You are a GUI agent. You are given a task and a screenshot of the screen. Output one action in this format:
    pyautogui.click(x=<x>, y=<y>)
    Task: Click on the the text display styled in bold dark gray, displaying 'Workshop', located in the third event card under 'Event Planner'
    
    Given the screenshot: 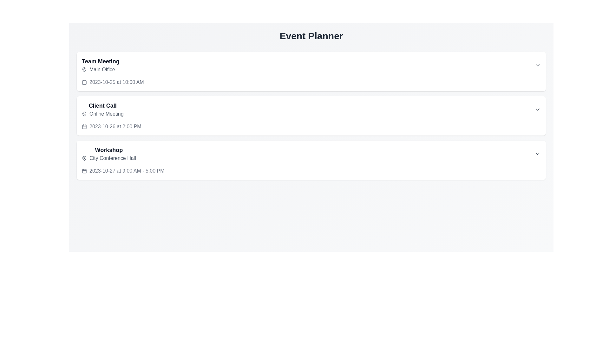 What is the action you would take?
    pyautogui.click(x=109, y=150)
    